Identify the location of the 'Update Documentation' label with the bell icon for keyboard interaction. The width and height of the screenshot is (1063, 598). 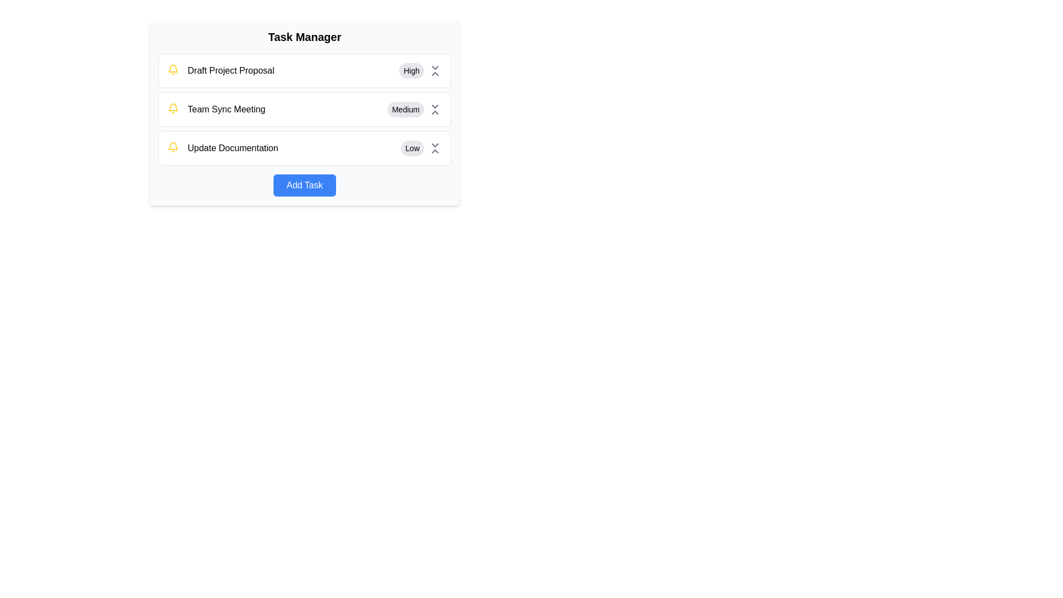
(222, 147).